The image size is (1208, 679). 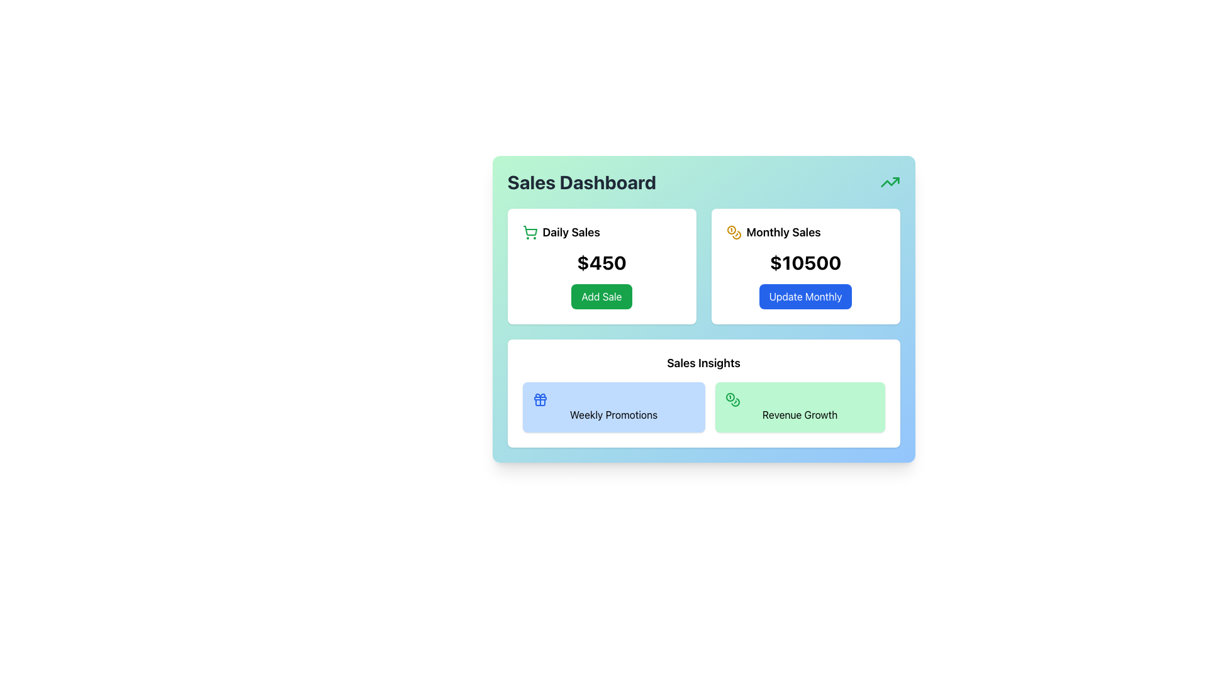 What do you see at coordinates (530, 233) in the screenshot?
I see `the small green shopping cart icon located in the top-left corner of the 'Daily Sales' card, adjacent to the 'Daily Sales' text` at bounding box center [530, 233].